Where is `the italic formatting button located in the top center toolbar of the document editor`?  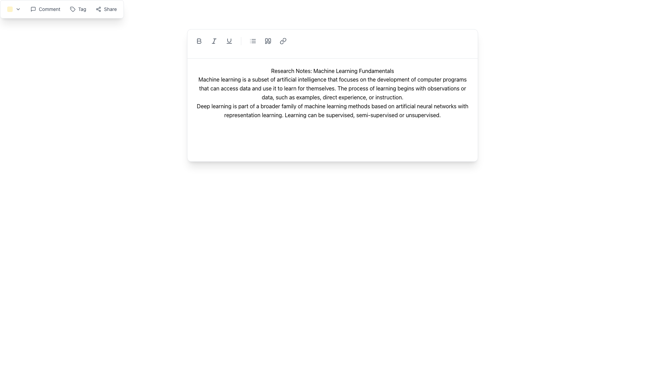 the italic formatting button located in the top center toolbar of the document editor is located at coordinates (214, 41).